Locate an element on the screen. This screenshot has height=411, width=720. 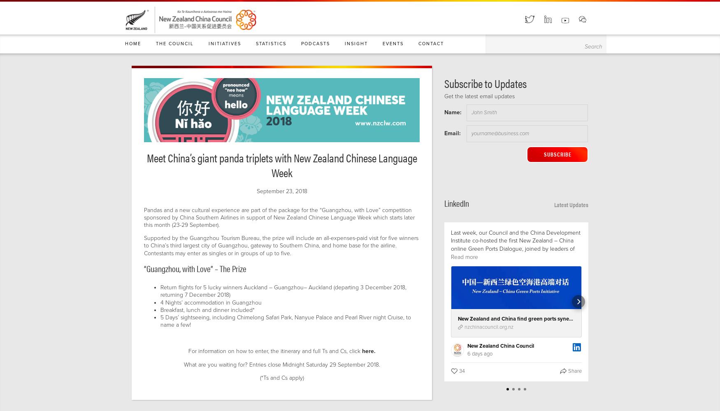
'Contact' is located at coordinates (431, 43).